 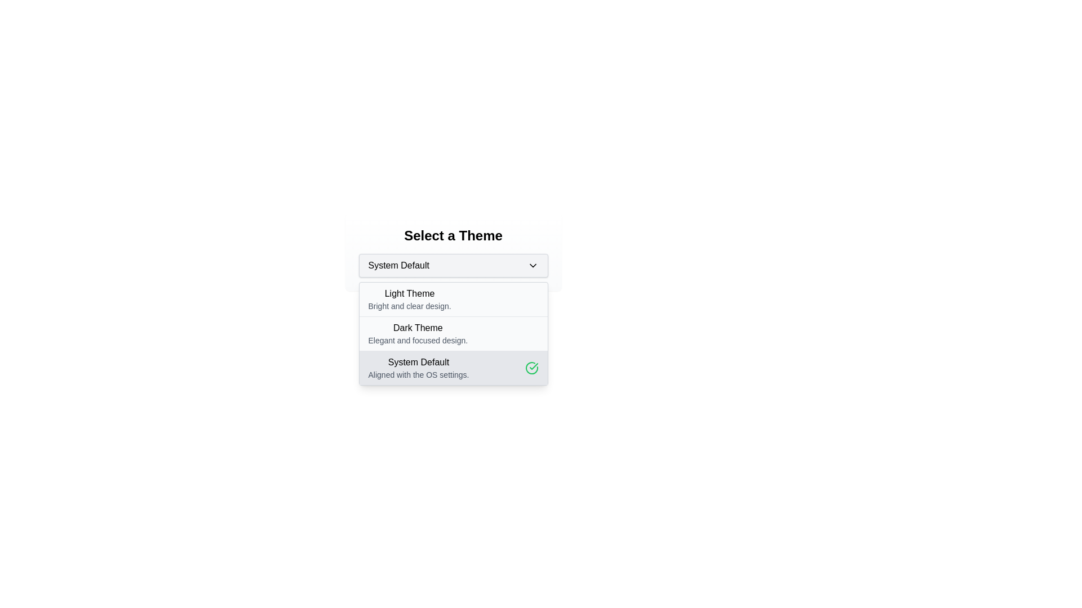 I want to click on the green checkmark icon within the circular outline that indicates the selection state of the 'System Default' option in the theme selection dropdown, so click(x=531, y=368).